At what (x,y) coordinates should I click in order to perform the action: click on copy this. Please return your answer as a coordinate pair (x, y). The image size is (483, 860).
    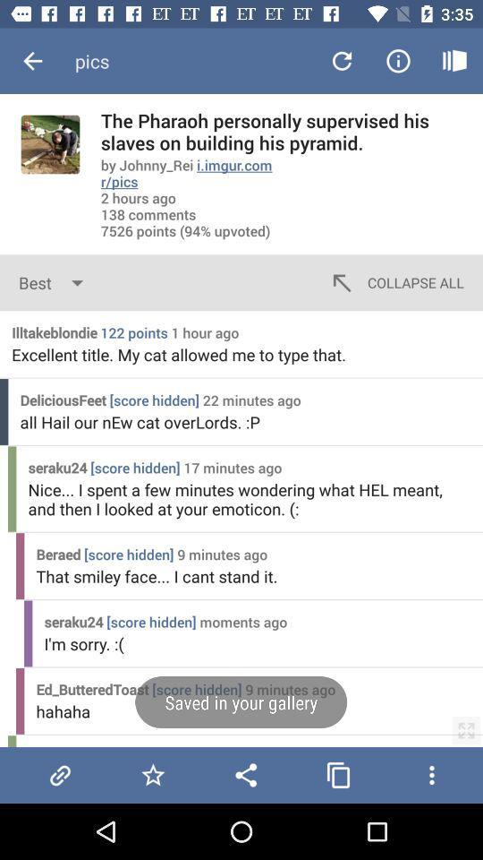
    Looking at the image, I should click on (338, 774).